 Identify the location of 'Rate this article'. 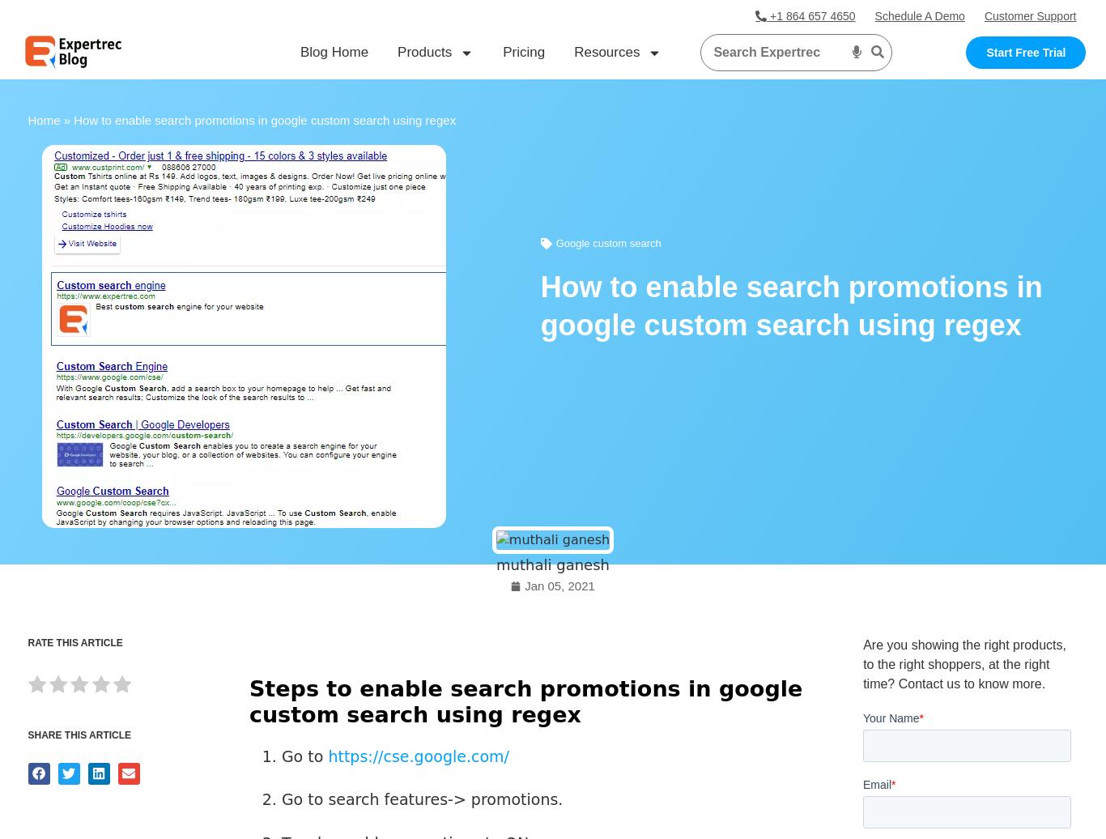
(74, 642).